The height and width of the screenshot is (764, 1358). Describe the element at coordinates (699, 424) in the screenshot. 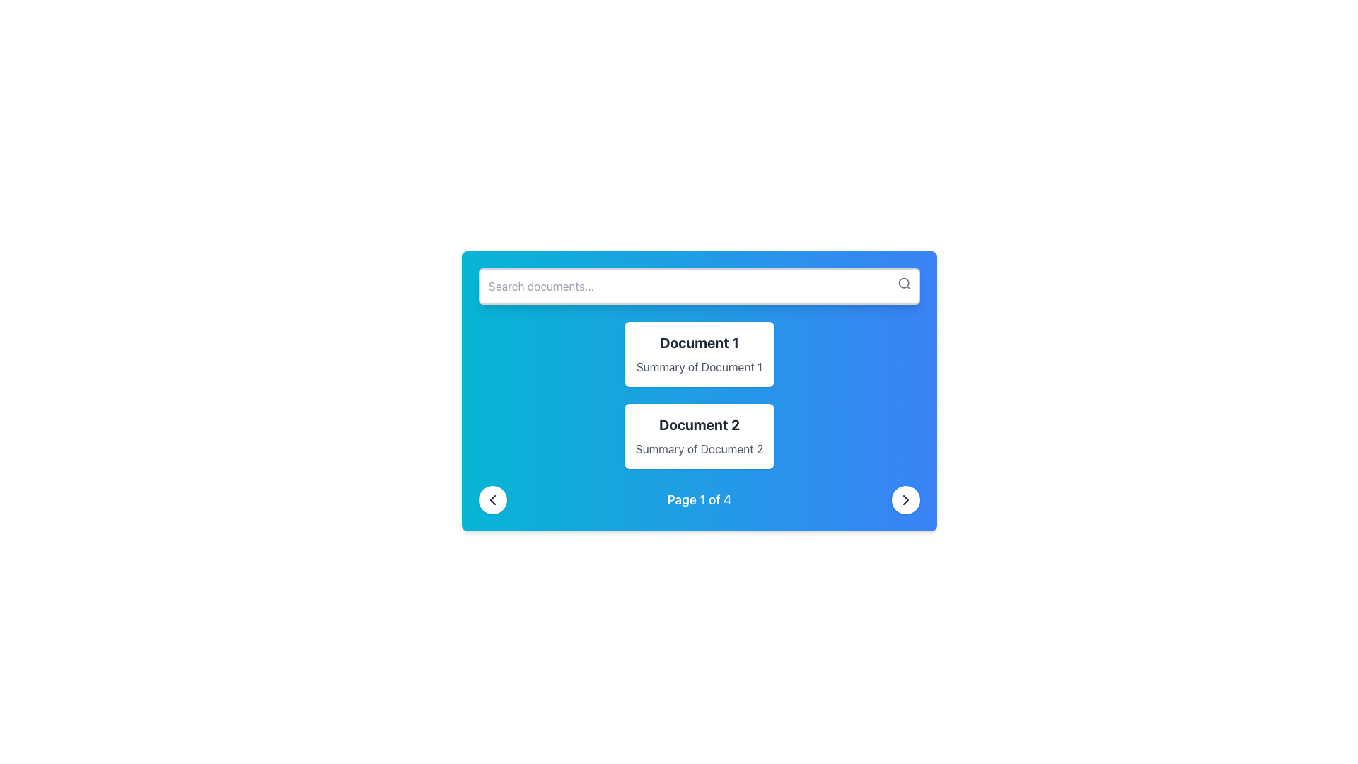

I see `the text label that serves as the title of a document representation, located within a card structure above the descriptive text 'Summary of Document 2'` at that location.